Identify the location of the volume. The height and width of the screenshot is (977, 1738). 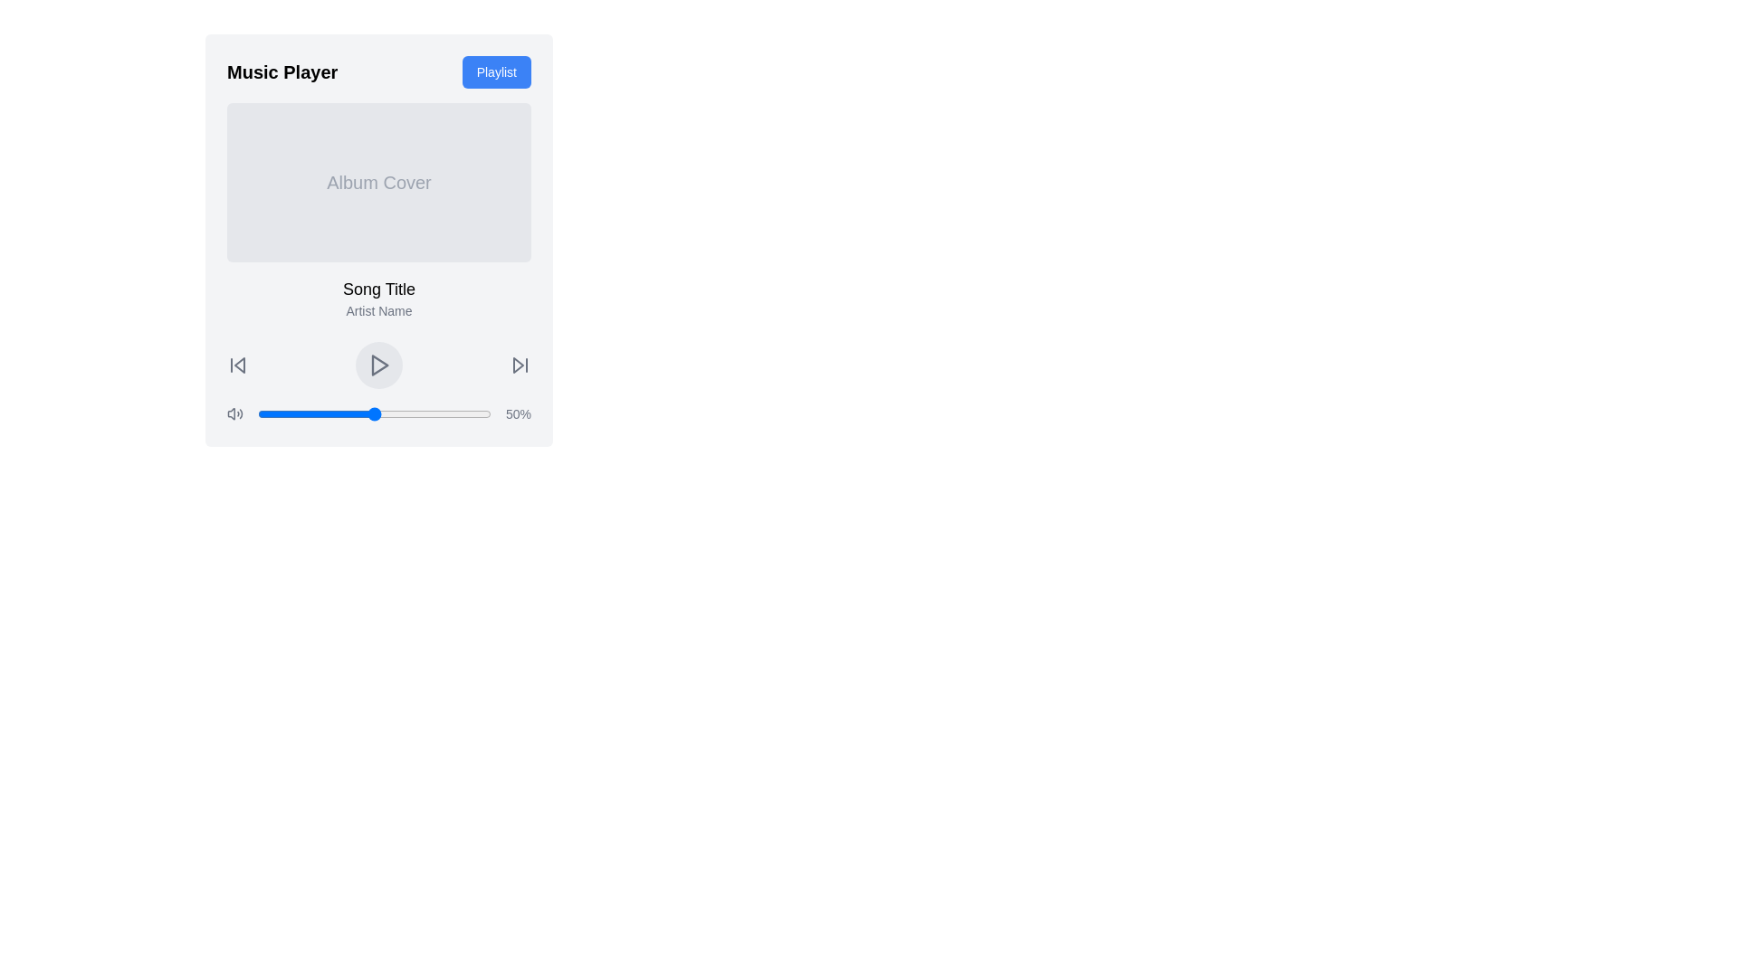
(366, 414).